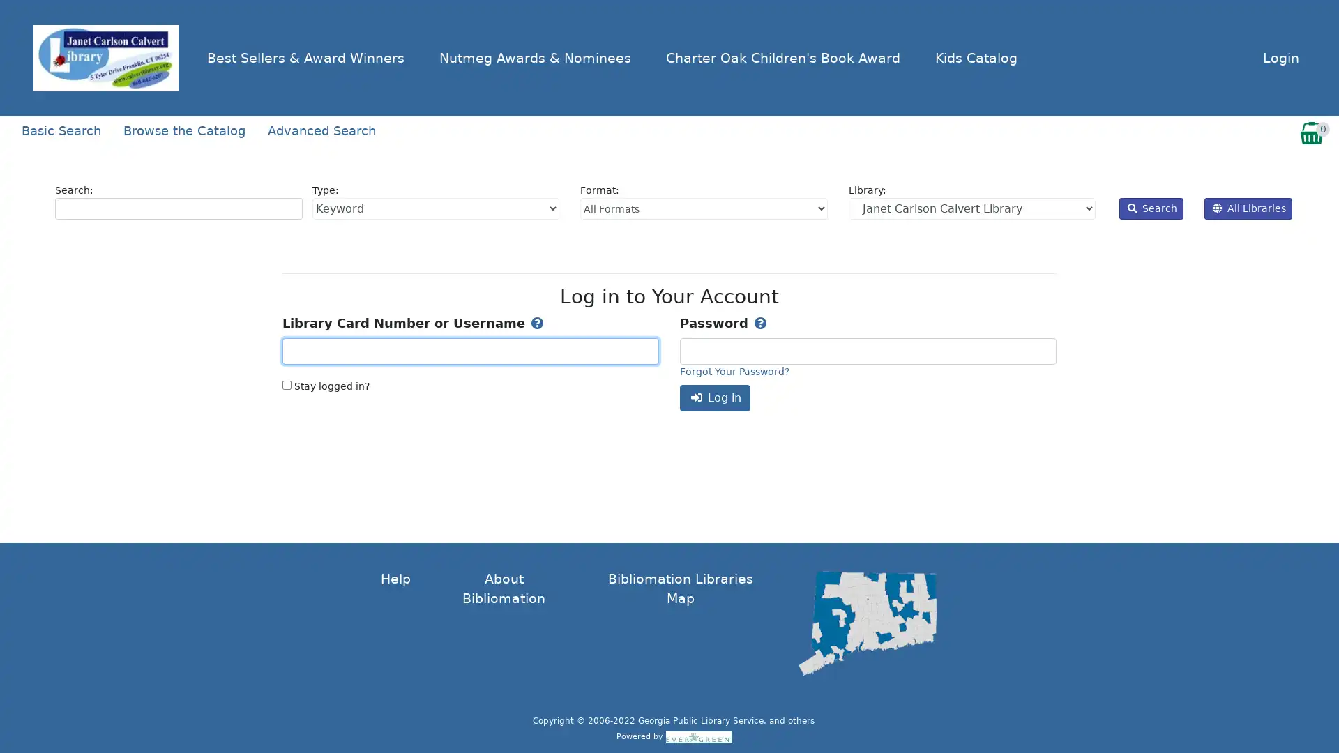 The width and height of the screenshot is (1339, 753). Describe the element at coordinates (1151, 208) in the screenshot. I see `Search` at that location.